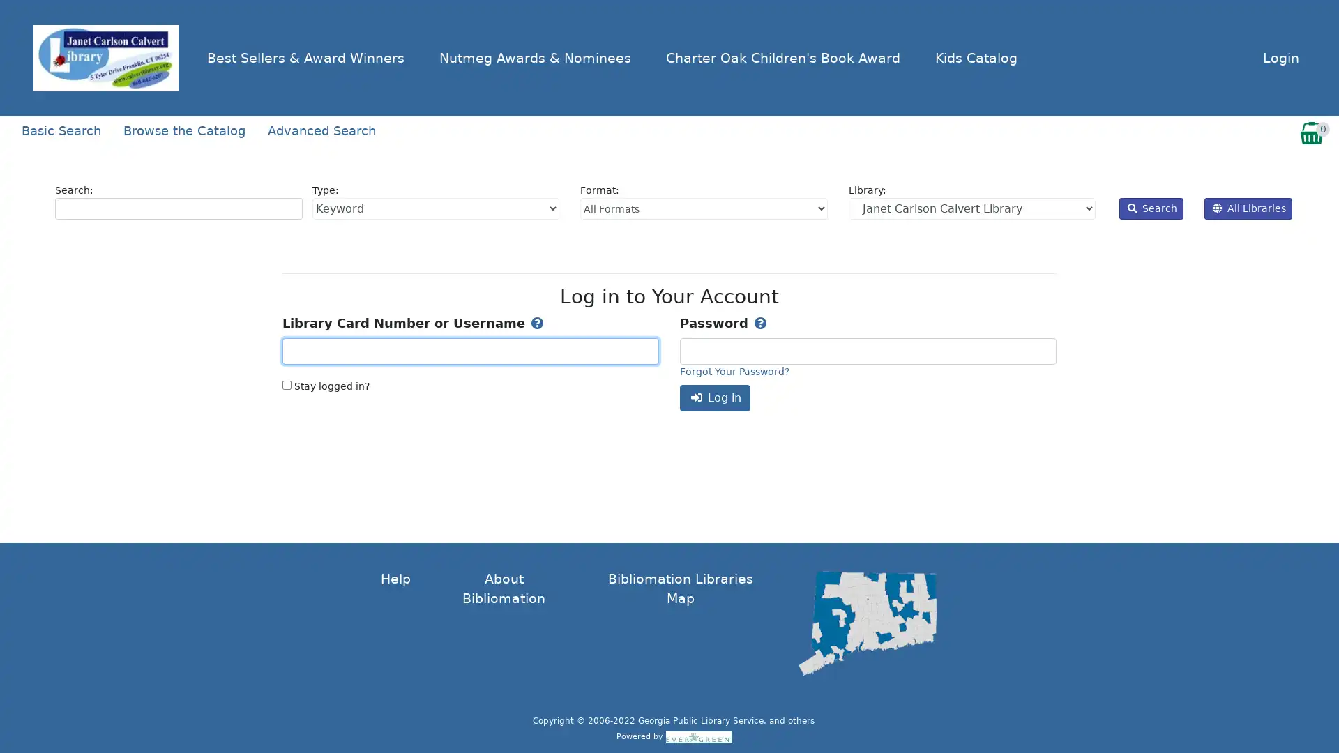 The width and height of the screenshot is (1339, 753). Describe the element at coordinates (1151, 208) in the screenshot. I see `Search` at that location.